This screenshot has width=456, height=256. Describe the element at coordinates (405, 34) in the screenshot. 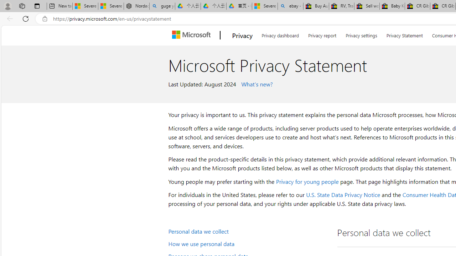

I see `'Privacy Statement'` at that location.